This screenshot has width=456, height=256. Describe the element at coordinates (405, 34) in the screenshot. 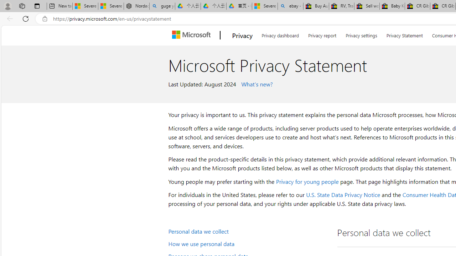

I see `'Privacy Statement'` at that location.